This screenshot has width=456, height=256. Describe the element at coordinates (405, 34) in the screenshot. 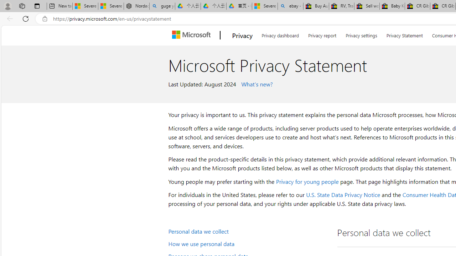

I see `'Privacy Statement'` at that location.